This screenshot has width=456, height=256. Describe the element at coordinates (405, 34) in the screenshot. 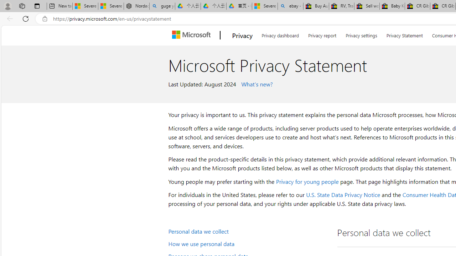

I see `'Privacy Statement'` at that location.